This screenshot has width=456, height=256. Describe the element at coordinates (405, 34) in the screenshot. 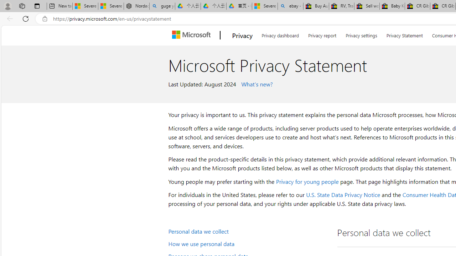

I see `'Privacy Statement'` at that location.